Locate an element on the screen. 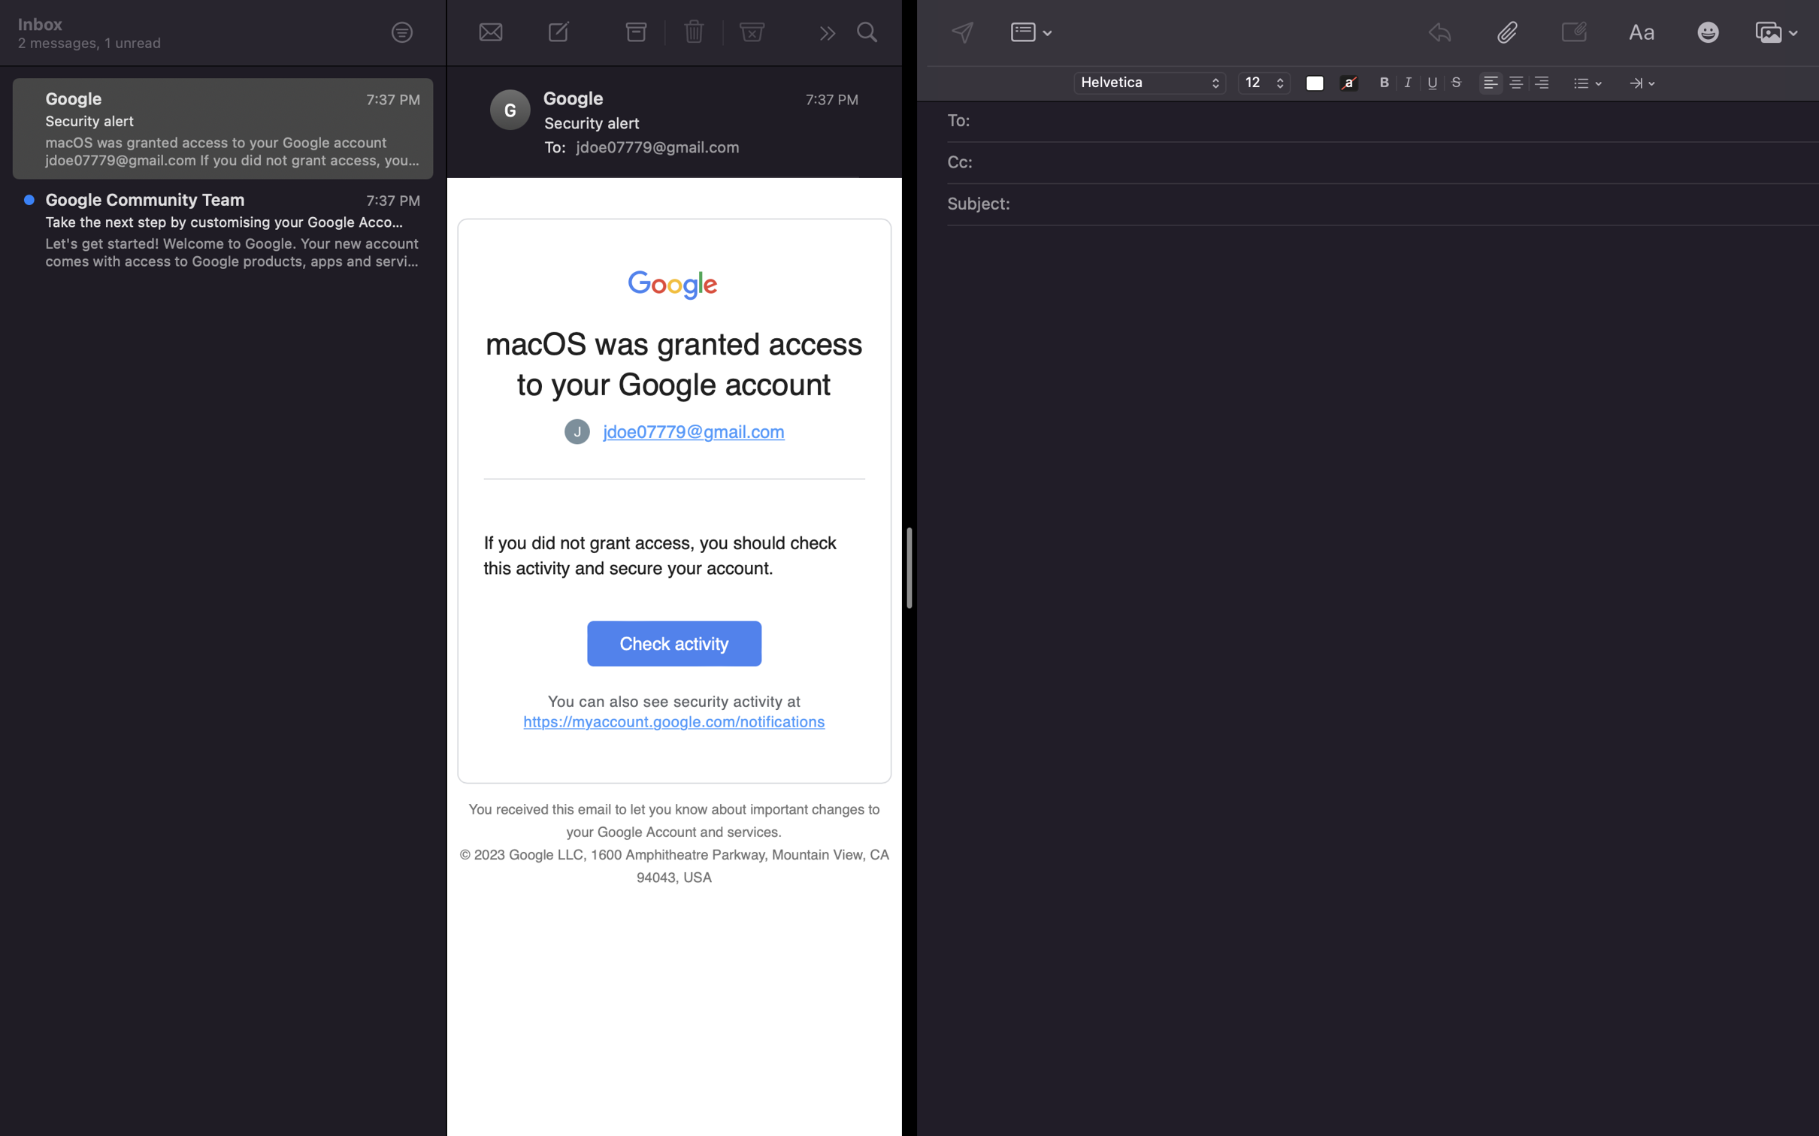 This screenshot has width=1819, height=1136. Enter "john@gmail.com" in the "To" field of the new email is located at coordinates (1394, 122).